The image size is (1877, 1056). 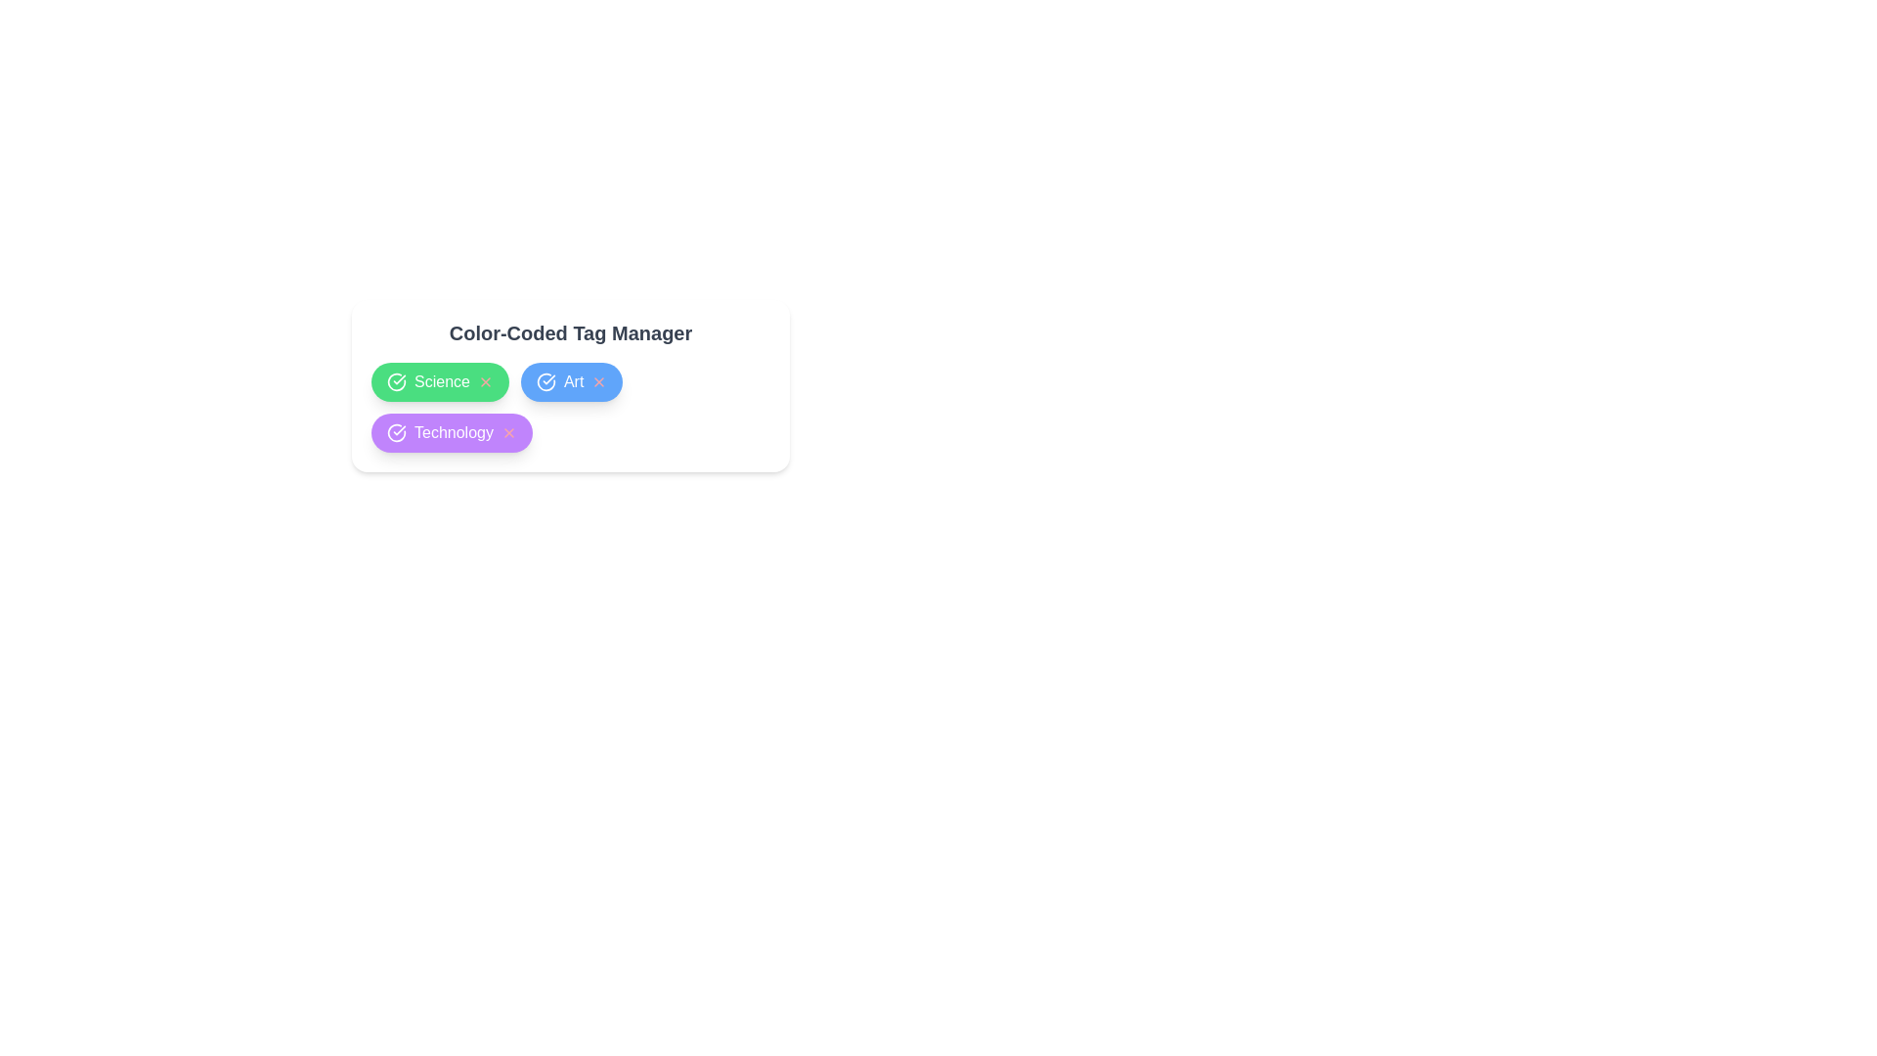 What do you see at coordinates (508, 432) in the screenshot?
I see `remove button (X) for the tag Technology` at bounding box center [508, 432].